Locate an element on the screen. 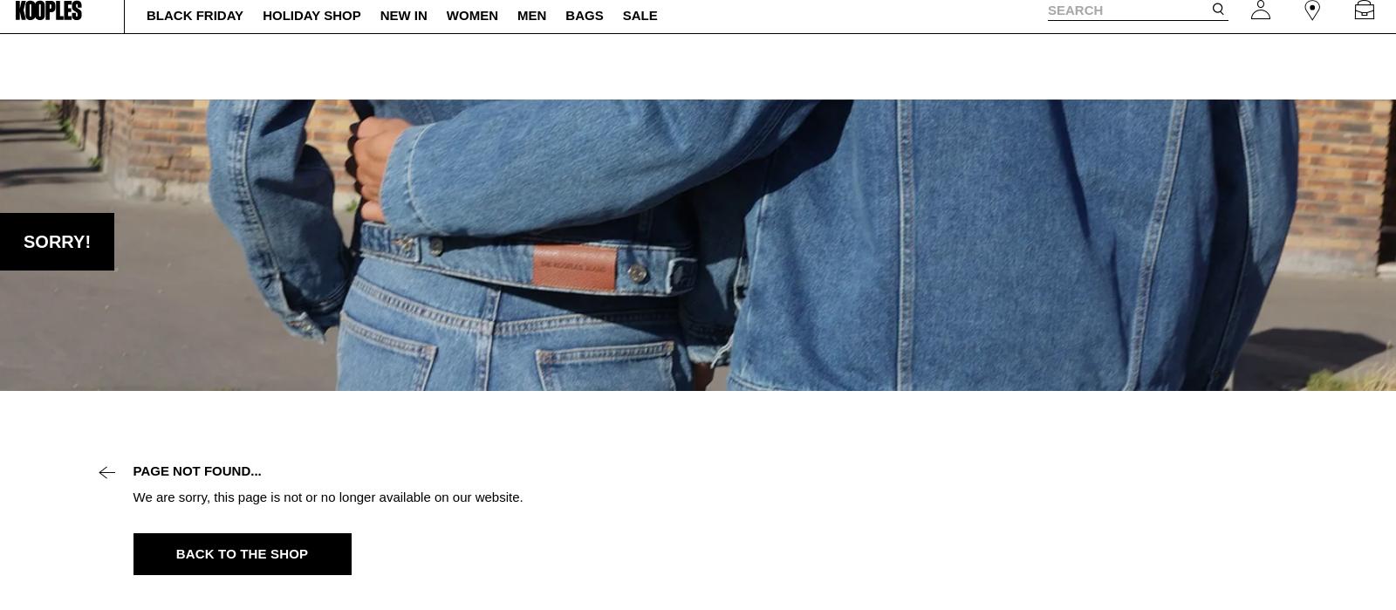 The height and width of the screenshot is (610, 1396). 'Black Friday' is located at coordinates (195, 80).